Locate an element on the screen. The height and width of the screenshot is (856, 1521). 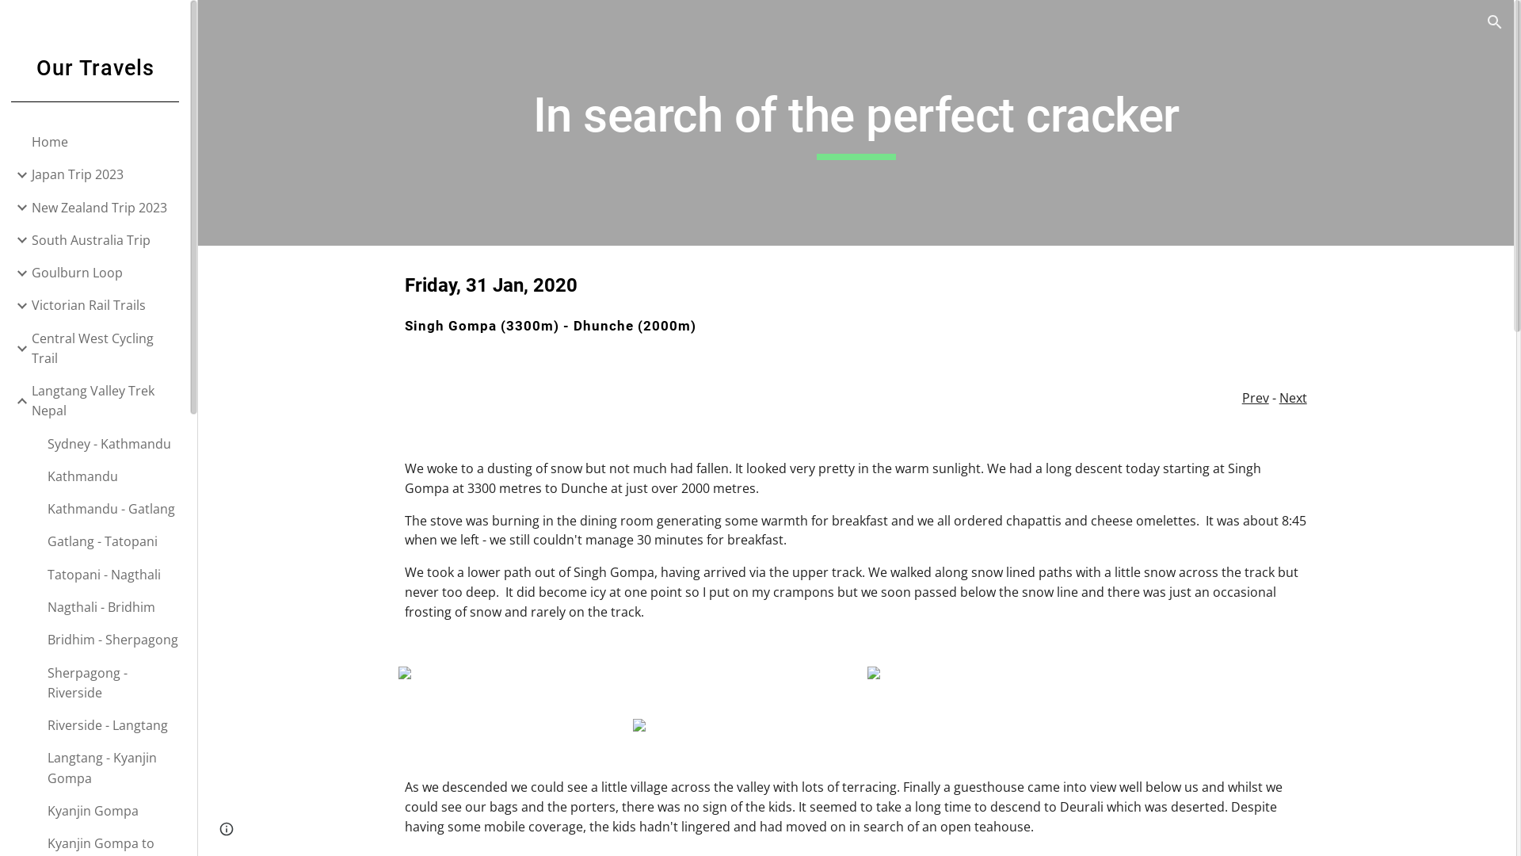
'Kathmandu - Gatlang' is located at coordinates (44, 509).